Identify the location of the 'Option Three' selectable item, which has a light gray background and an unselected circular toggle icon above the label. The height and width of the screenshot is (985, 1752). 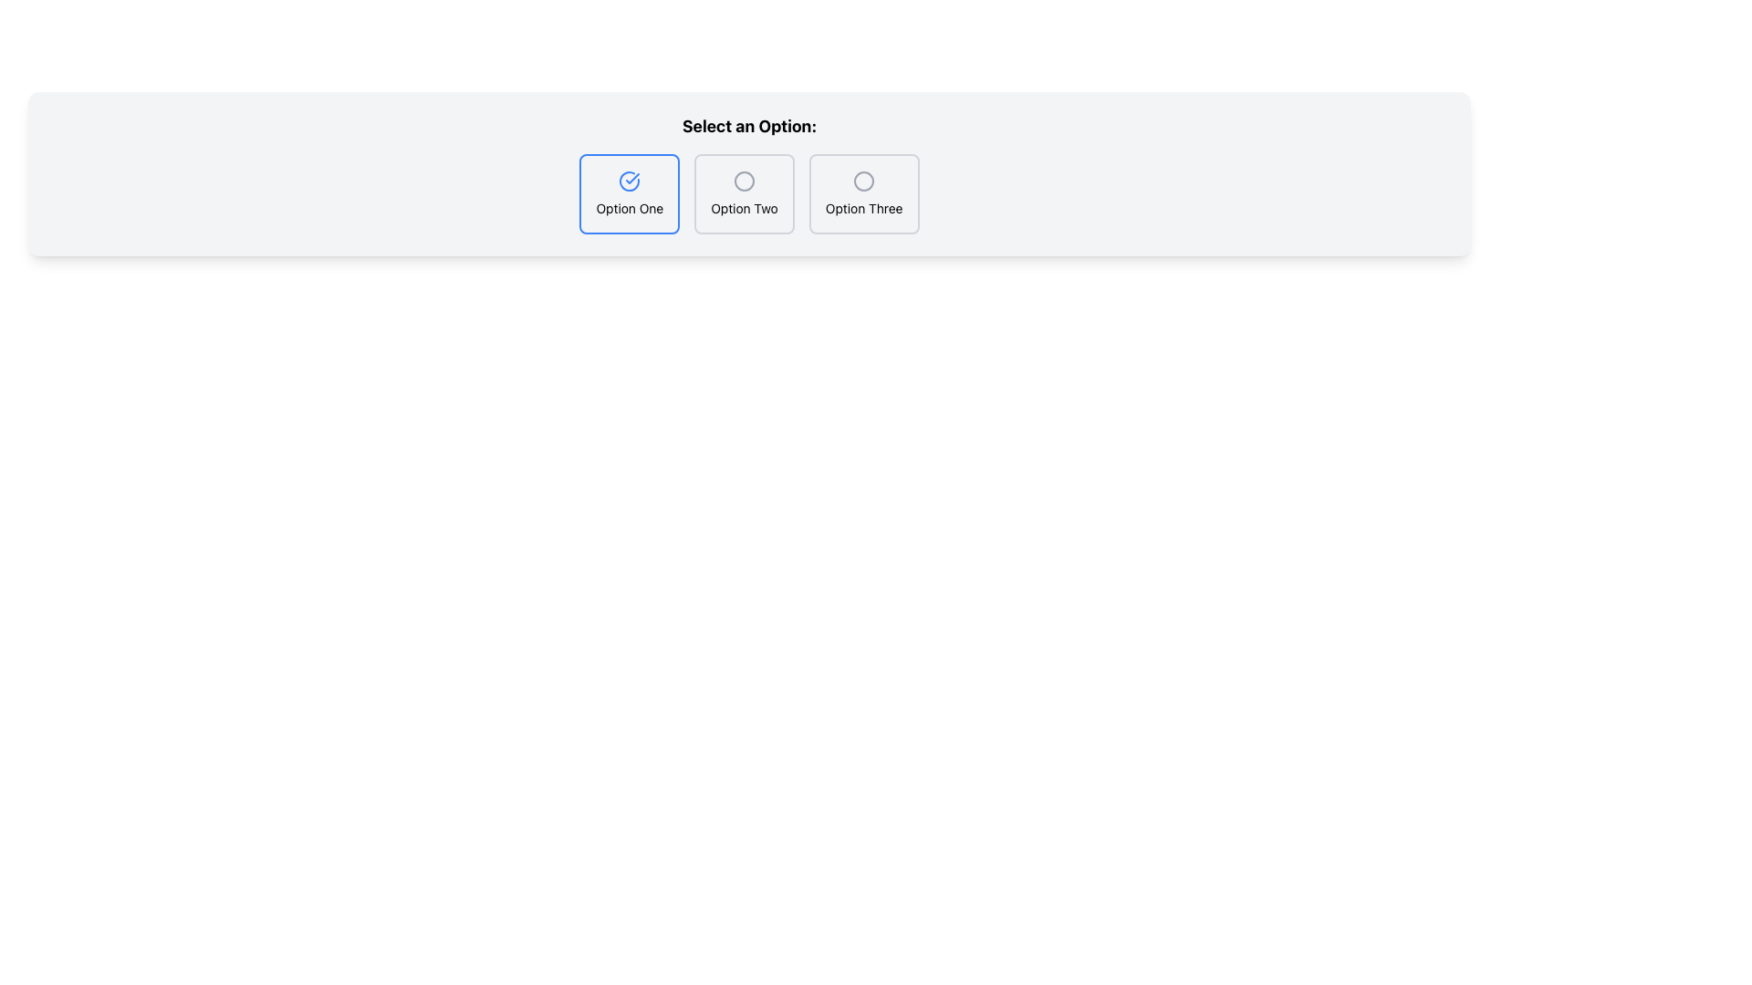
(862, 193).